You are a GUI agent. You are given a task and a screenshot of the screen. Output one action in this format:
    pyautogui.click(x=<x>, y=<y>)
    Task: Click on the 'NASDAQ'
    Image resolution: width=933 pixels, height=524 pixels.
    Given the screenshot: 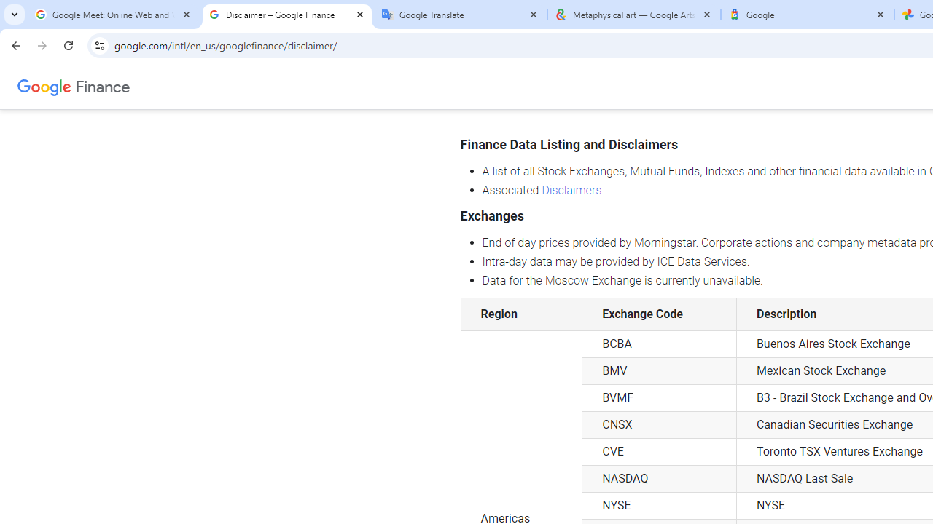 What is the action you would take?
    pyautogui.click(x=658, y=479)
    